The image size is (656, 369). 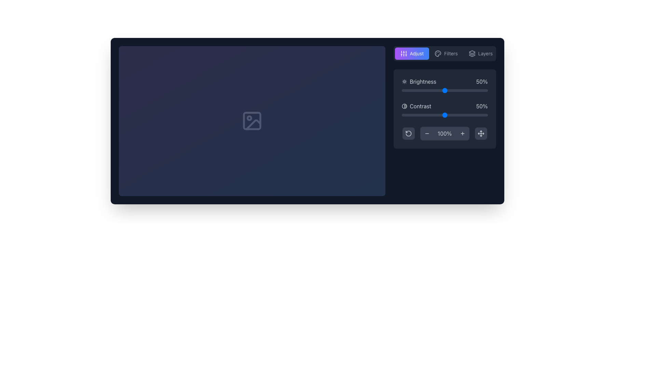 What do you see at coordinates (416, 53) in the screenshot?
I see `the button containing the text label 'Adjust'` at bounding box center [416, 53].